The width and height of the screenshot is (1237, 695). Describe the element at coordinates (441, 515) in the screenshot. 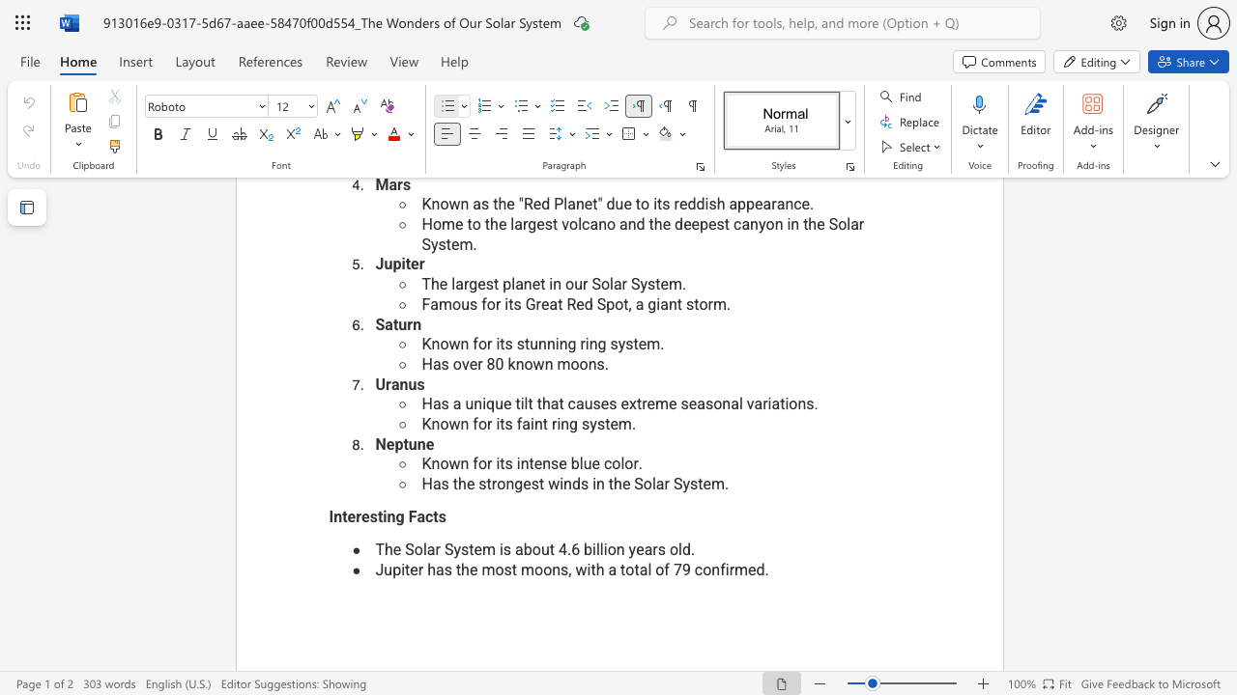

I see `the 2th character "s" in the text` at that location.